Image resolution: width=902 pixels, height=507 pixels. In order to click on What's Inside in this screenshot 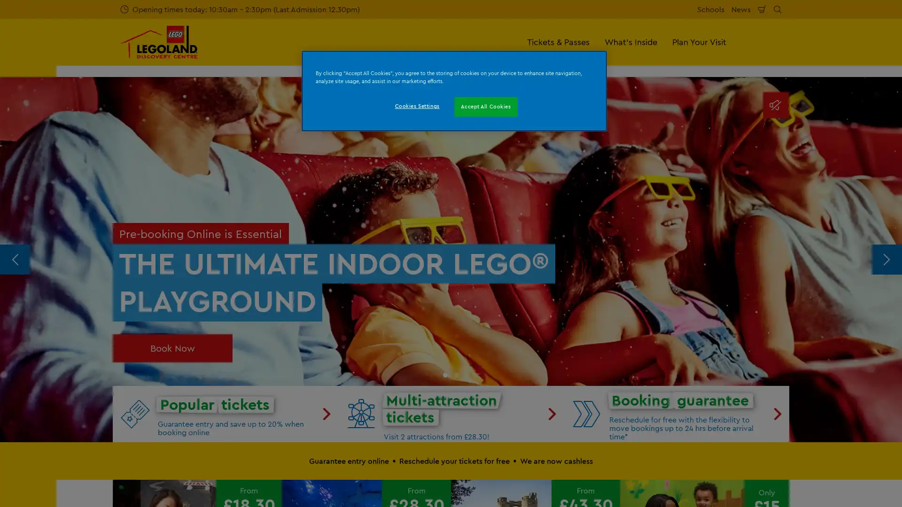, I will do `click(631, 41)`.